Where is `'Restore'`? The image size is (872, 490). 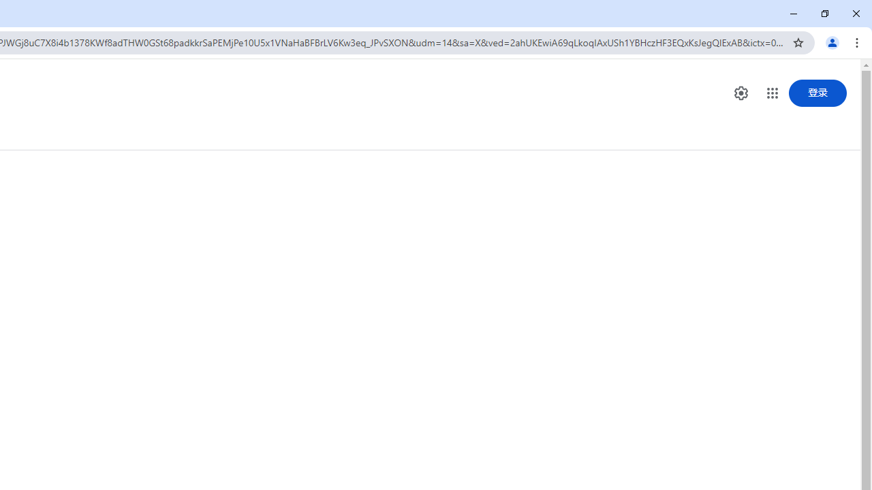 'Restore' is located at coordinates (824, 14).